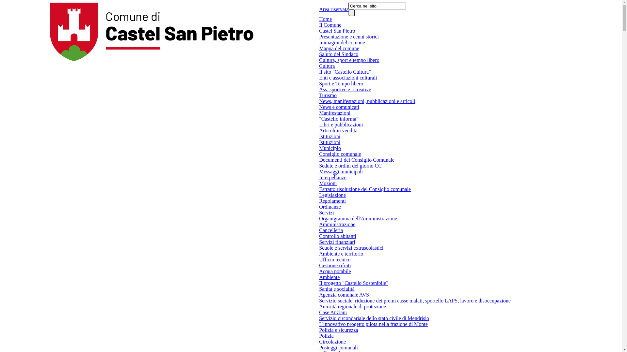 The height and width of the screenshot is (352, 627). What do you see at coordinates (319, 31) in the screenshot?
I see `'Castel San Pietro'` at bounding box center [319, 31].